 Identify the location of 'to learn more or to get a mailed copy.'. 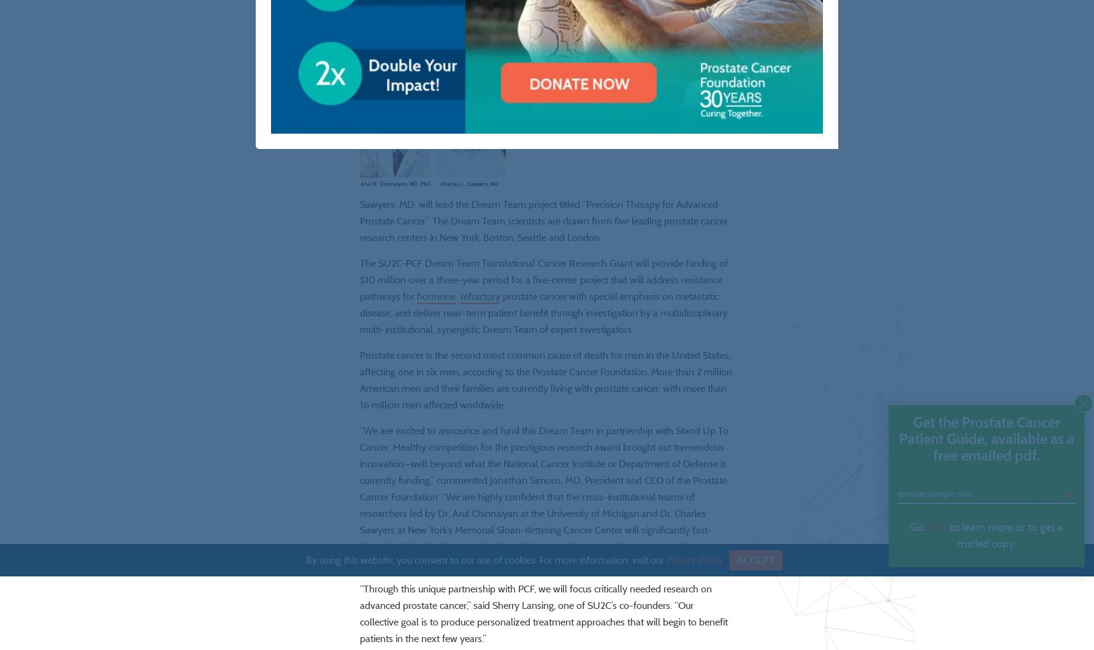
(1004, 535).